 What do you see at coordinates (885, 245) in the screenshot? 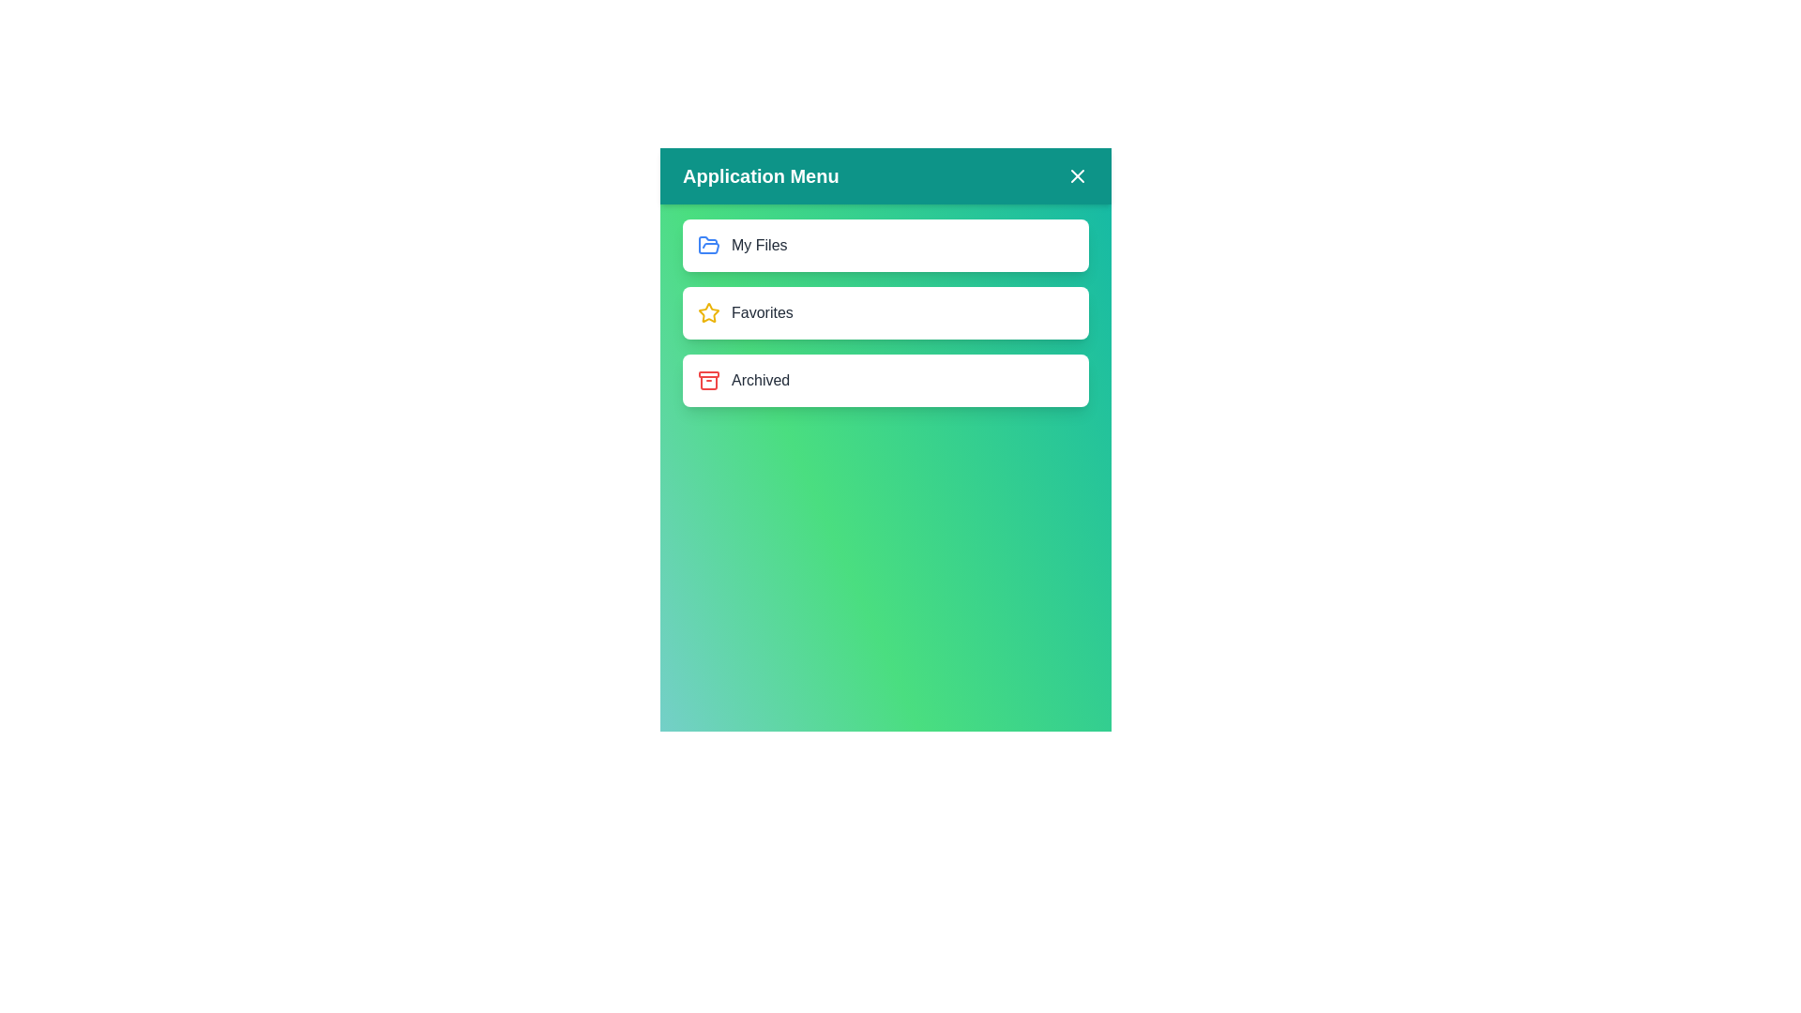
I see `the menu item My Files by clicking on it` at bounding box center [885, 245].